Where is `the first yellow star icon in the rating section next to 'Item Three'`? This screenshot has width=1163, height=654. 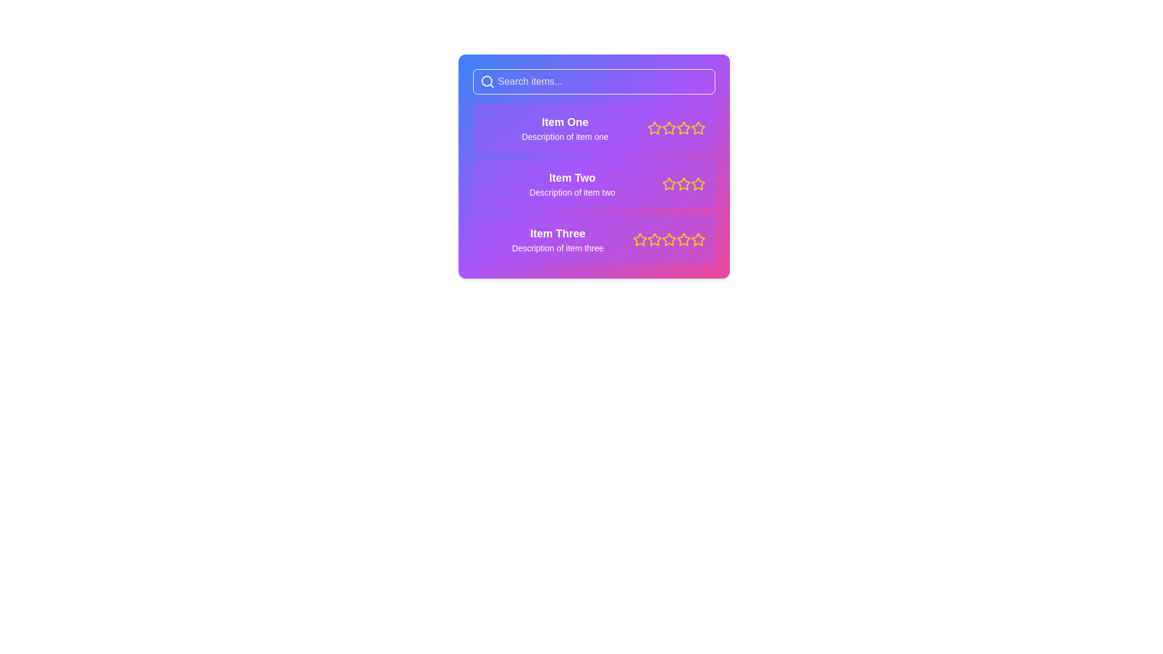 the first yellow star icon in the rating section next to 'Item Three' is located at coordinates (639, 240).